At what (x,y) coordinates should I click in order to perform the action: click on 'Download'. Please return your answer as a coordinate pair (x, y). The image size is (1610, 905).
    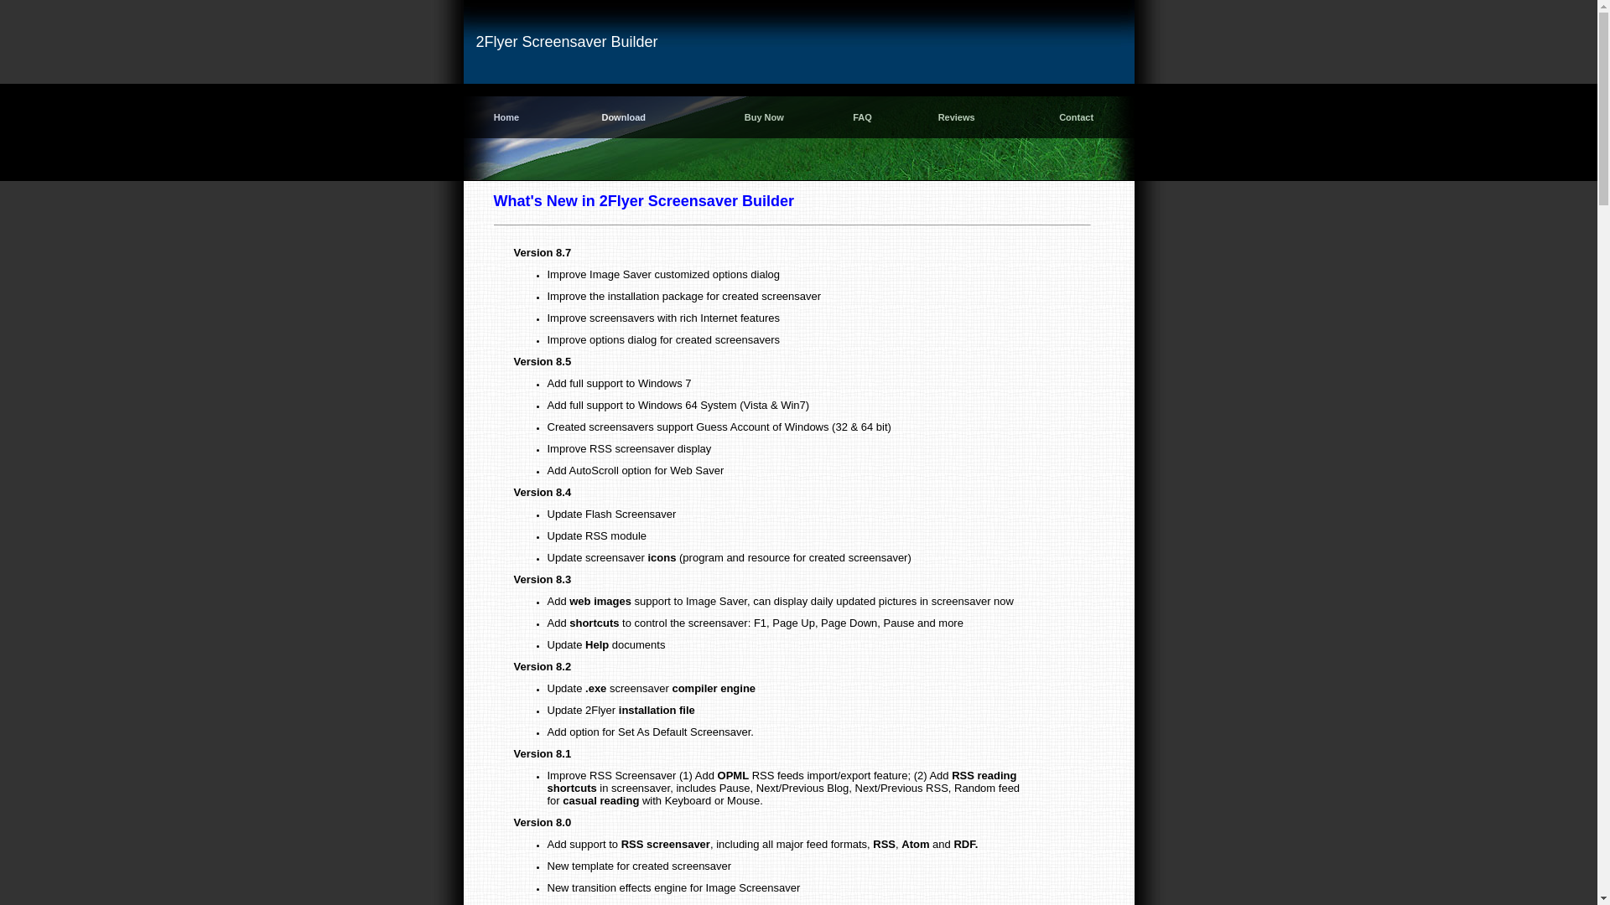
    Looking at the image, I should click on (622, 116).